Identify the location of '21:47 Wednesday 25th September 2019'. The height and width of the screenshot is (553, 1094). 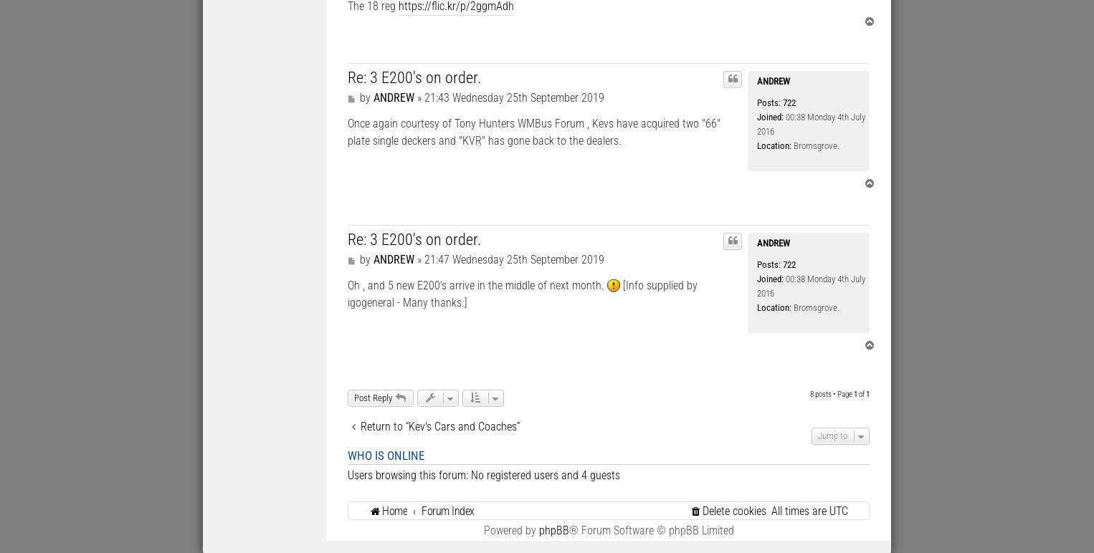
(513, 259).